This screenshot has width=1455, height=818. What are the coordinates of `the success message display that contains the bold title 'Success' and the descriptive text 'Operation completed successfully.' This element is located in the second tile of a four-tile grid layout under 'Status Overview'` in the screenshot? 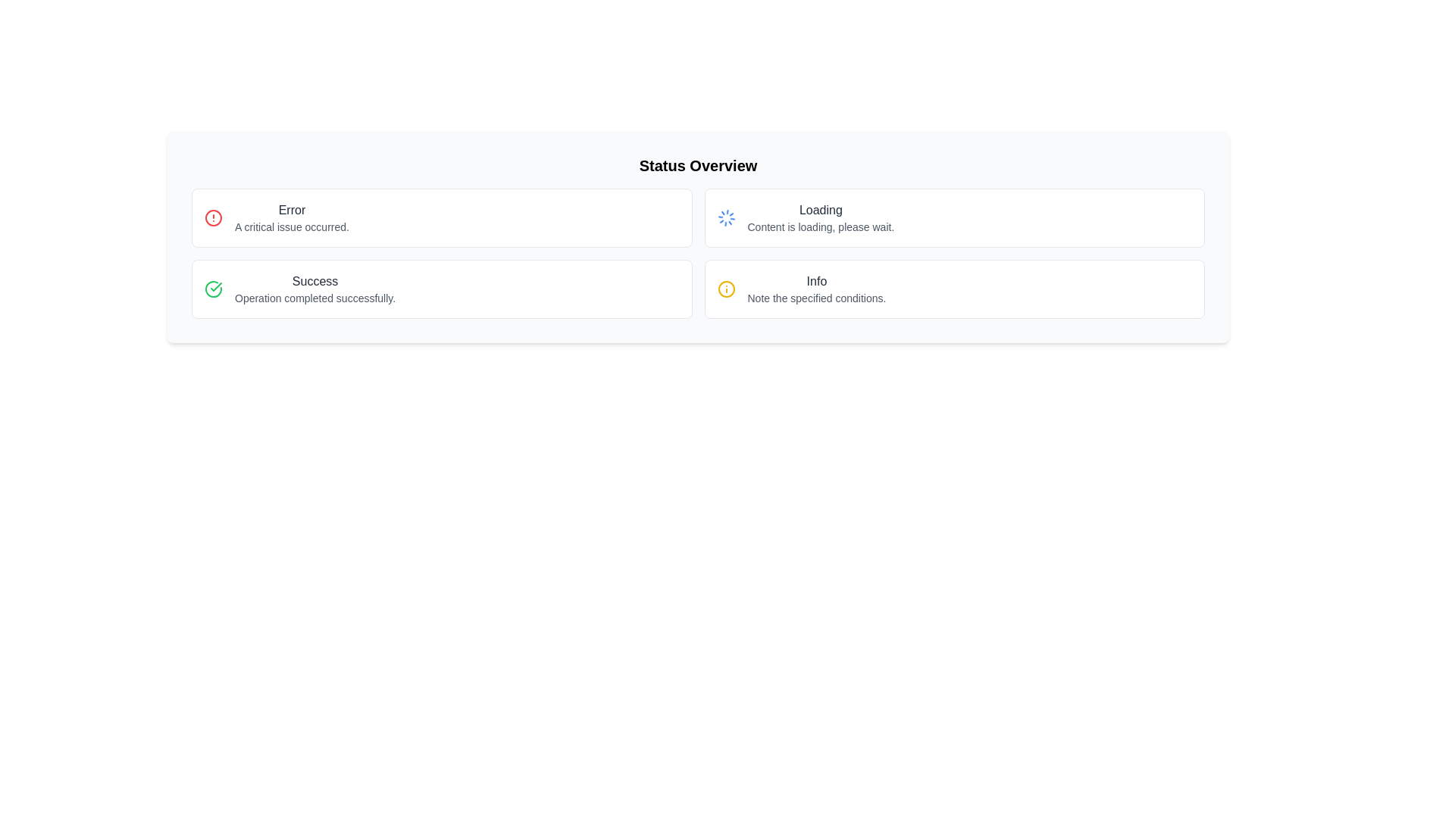 It's located at (314, 289).